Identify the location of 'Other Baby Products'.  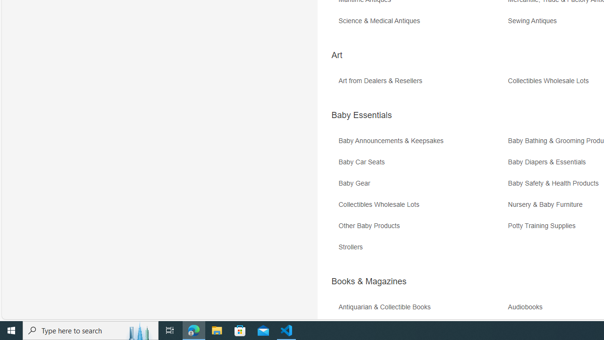
(421, 229).